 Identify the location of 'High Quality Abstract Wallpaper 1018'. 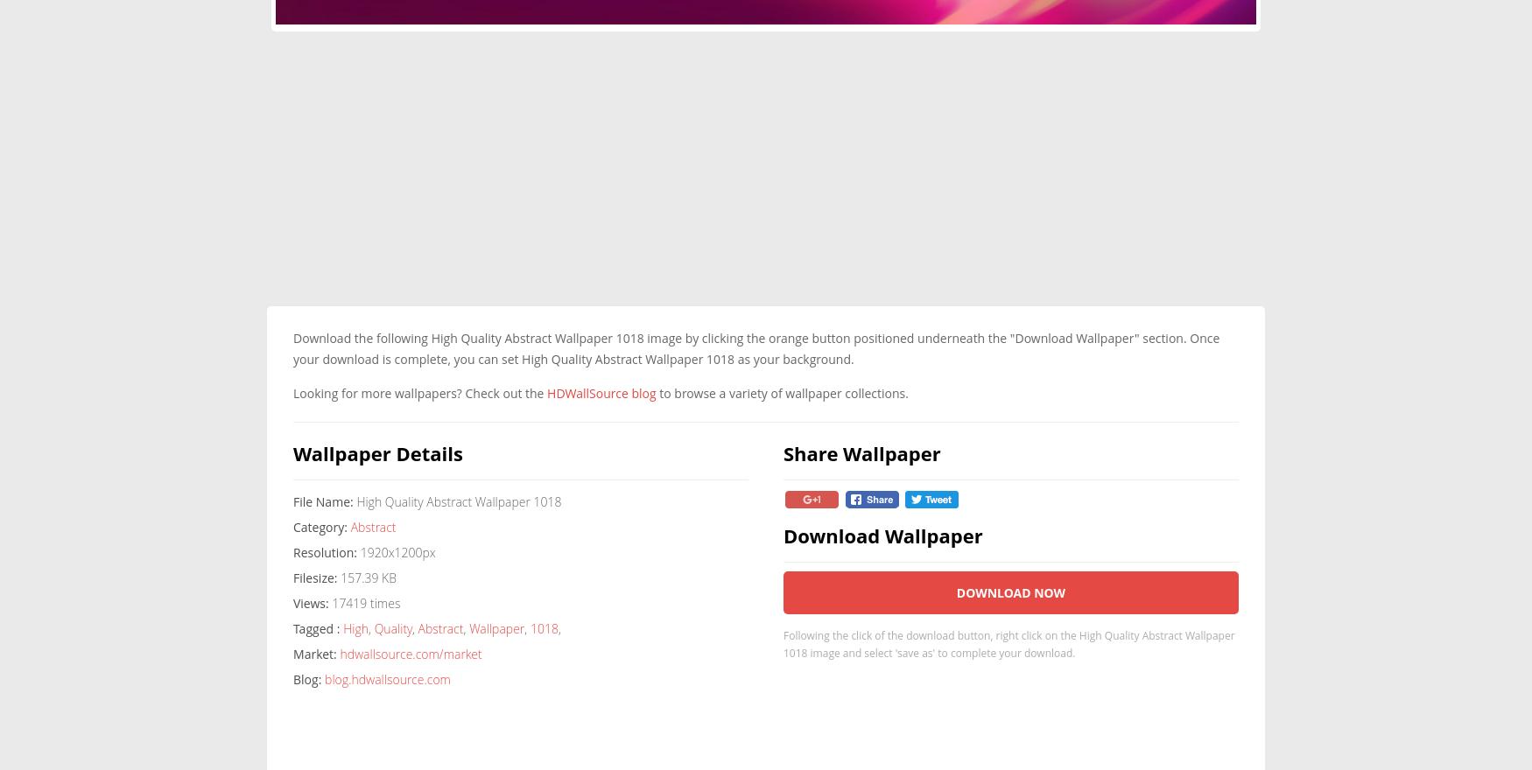
(456, 501).